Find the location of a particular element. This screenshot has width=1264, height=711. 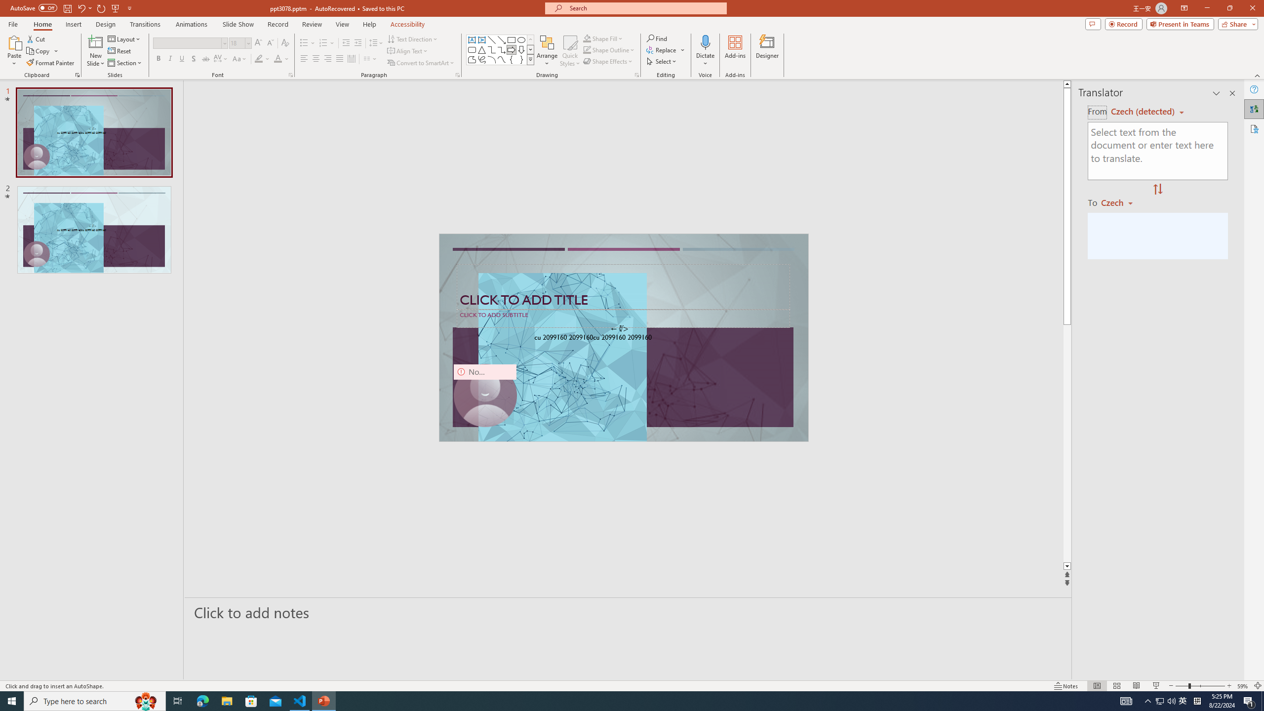

'Vertical Text Box' is located at coordinates (481, 39).